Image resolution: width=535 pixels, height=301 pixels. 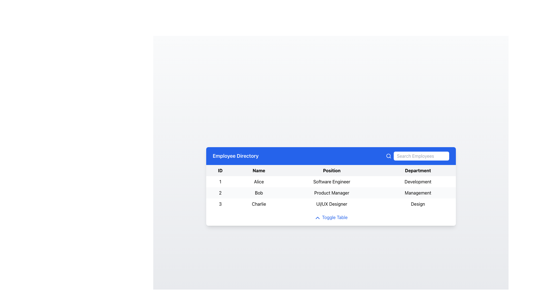 What do you see at coordinates (417, 156) in the screenshot?
I see `the magnifying glass icon located at the end of the text input field in the top-right corner of the 'Employee Directory' header` at bounding box center [417, 156].